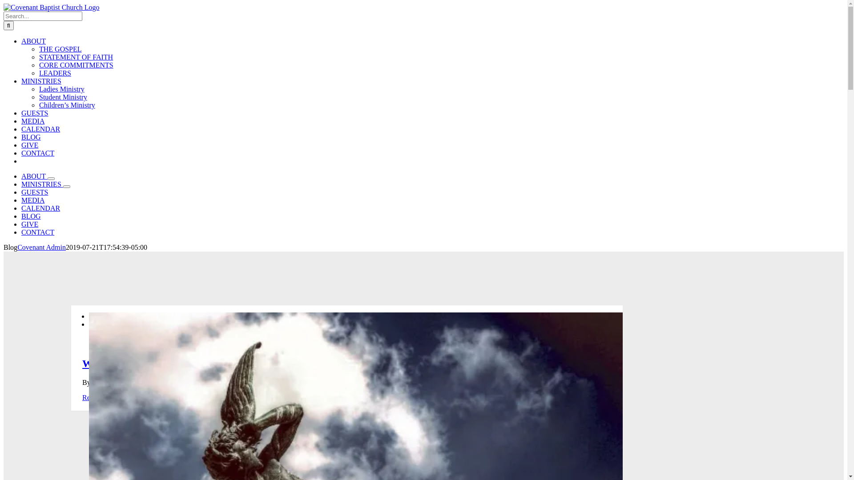 The width and height of the screenshot is (854, 480). I want to click on 'Student Ministry', so click(63, 97).